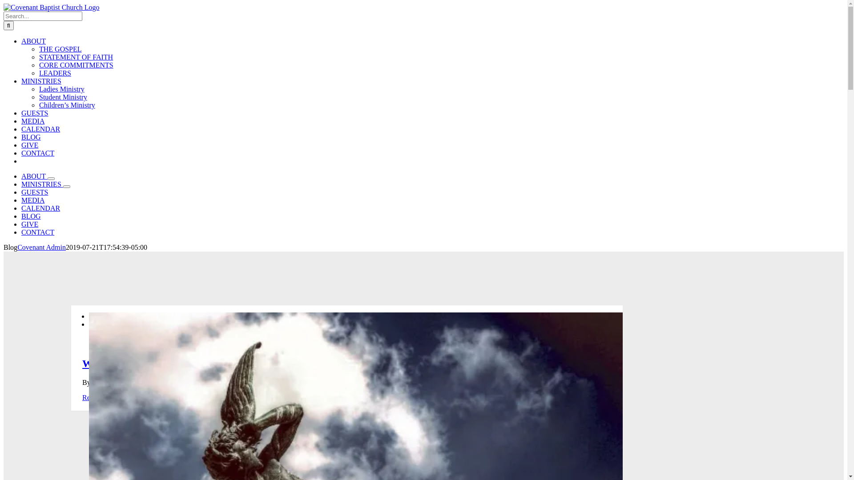 The width and height of the screenshot is (854, 480). I want to click on 'Student Ministry', so click(63, 97).